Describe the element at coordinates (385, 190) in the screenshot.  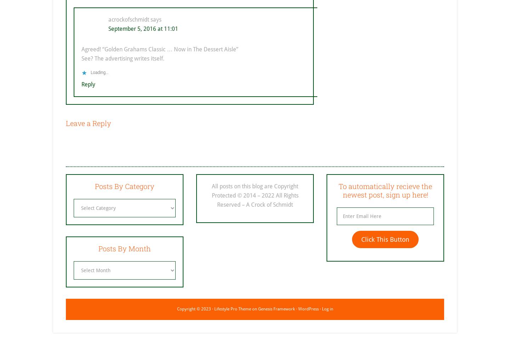
I see `'To automatically recieve the newest post, sign up here!'` at that location.